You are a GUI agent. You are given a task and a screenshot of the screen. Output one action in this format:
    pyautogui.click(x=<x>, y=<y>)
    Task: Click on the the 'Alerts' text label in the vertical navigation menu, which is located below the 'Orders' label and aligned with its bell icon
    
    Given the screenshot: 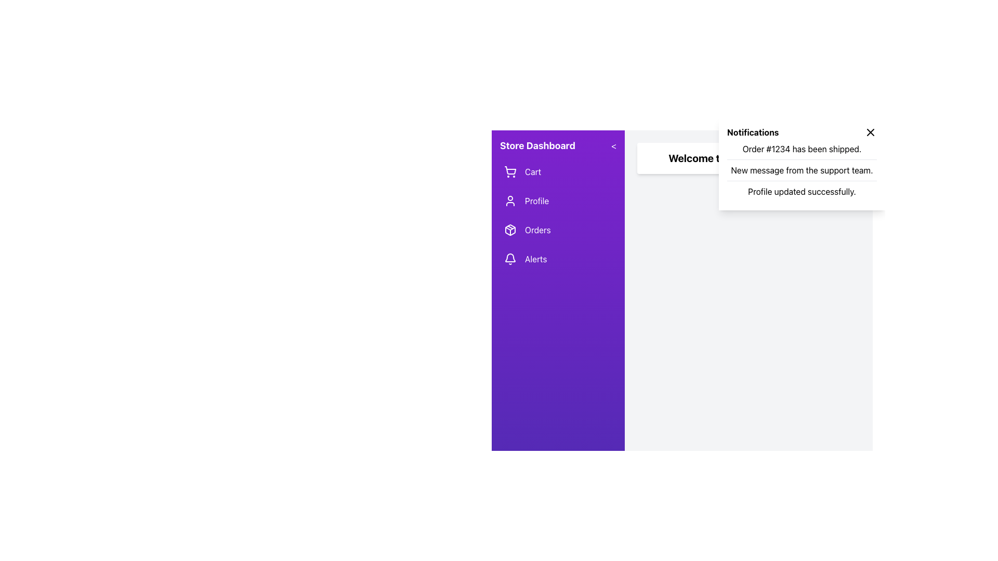 What is the action you would take?
    pyautogui.click(x=536, y=258)
    